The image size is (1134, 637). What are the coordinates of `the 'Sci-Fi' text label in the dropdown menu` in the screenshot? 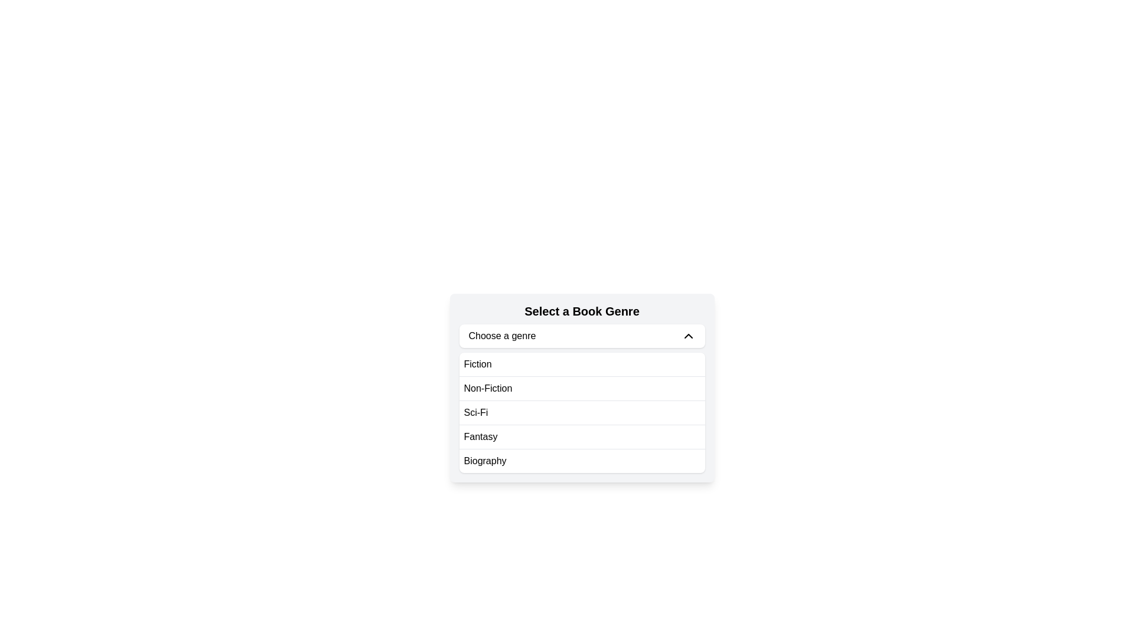 It's located at (476, 412).